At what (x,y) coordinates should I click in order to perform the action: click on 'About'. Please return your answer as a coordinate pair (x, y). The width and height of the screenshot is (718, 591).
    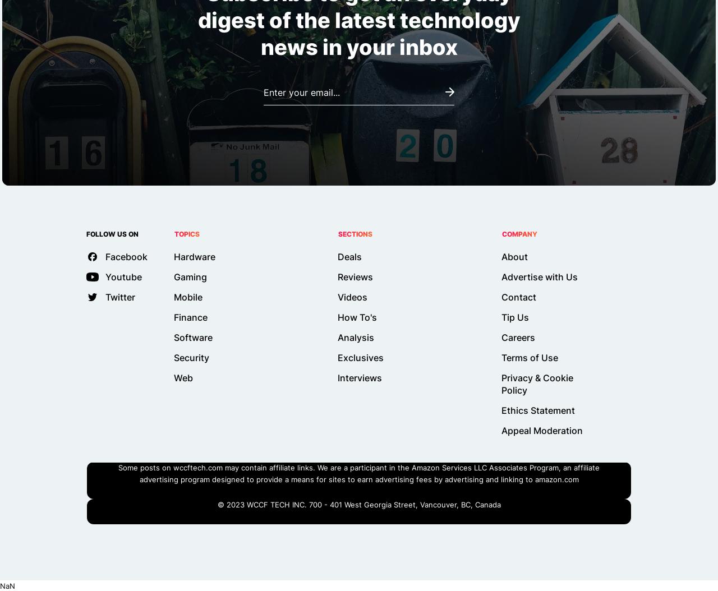
    Looking at the image, I should click on (514, 256).